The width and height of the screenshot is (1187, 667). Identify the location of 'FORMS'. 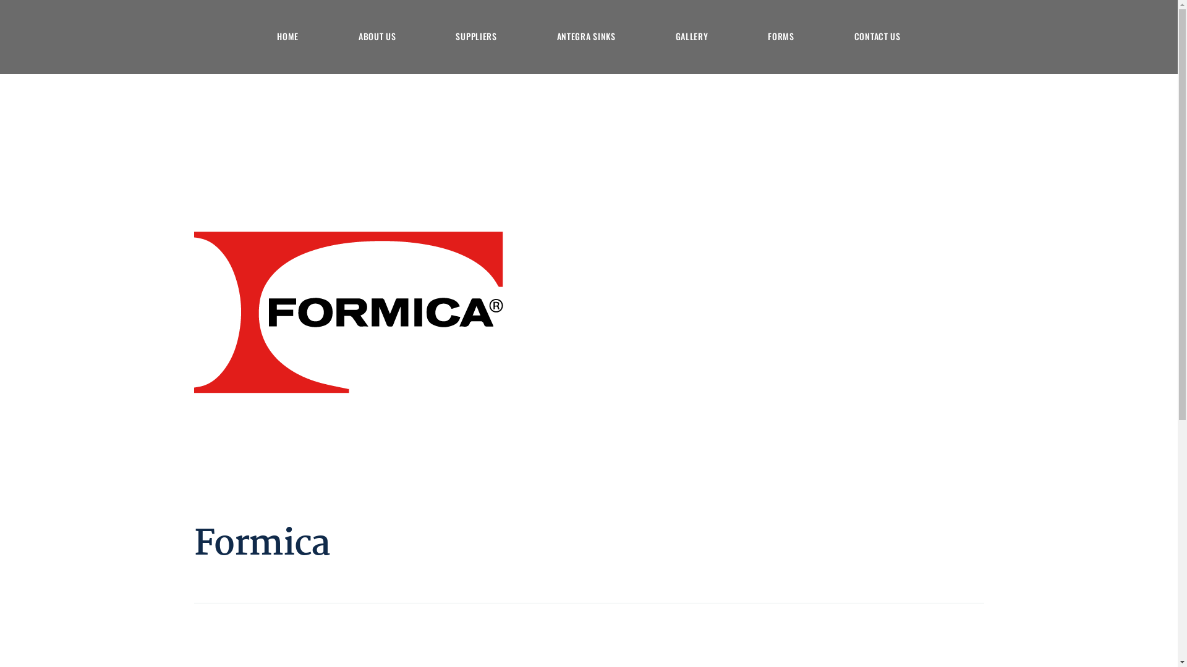
(738, 36).